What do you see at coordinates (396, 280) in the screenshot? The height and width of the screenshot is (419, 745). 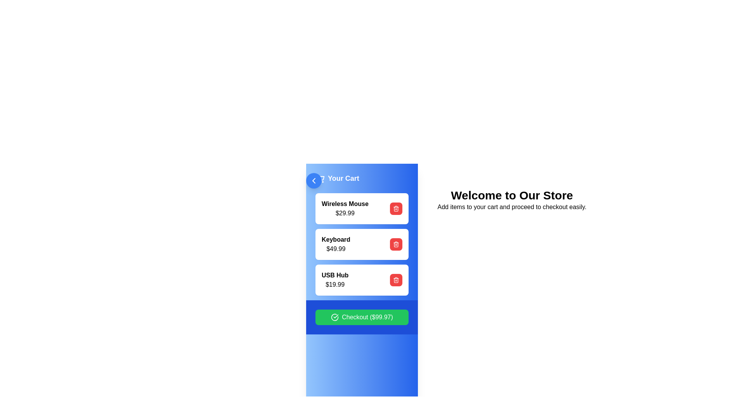 I see `the red circular delete button with a white trash can icon located on the right side of the 'USB Hub - $19.99' row in the shopping cart list to possibly reveal a tooltip or additional information` at bounding box center [396, 280].